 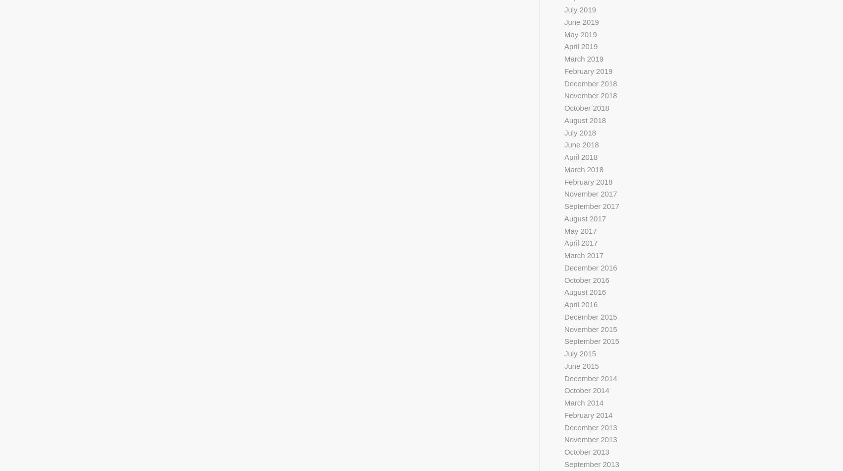 I want to click on 'November 2013', so click(x=590, y=439).